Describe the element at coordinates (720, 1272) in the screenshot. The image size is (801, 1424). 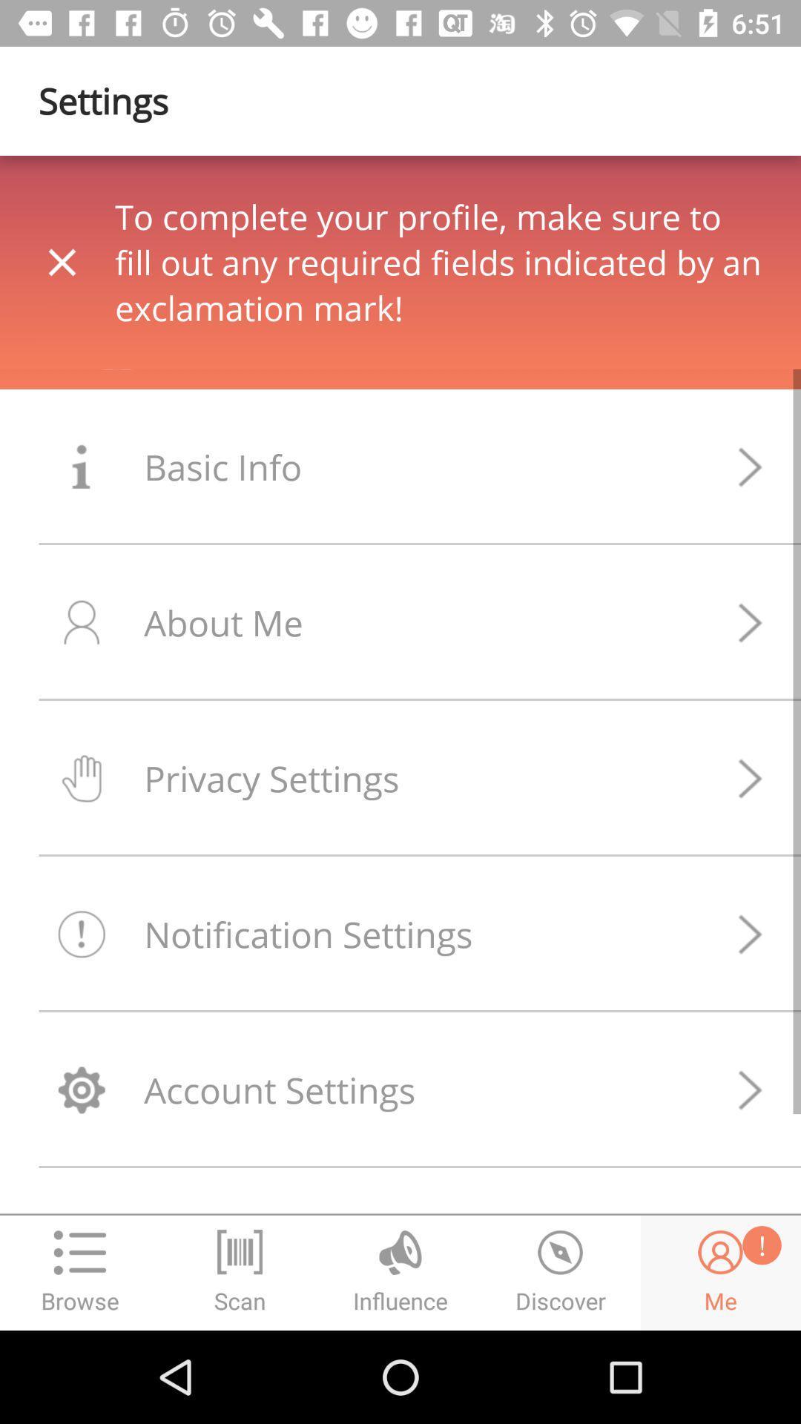
I see `the emoji icon` at that location.